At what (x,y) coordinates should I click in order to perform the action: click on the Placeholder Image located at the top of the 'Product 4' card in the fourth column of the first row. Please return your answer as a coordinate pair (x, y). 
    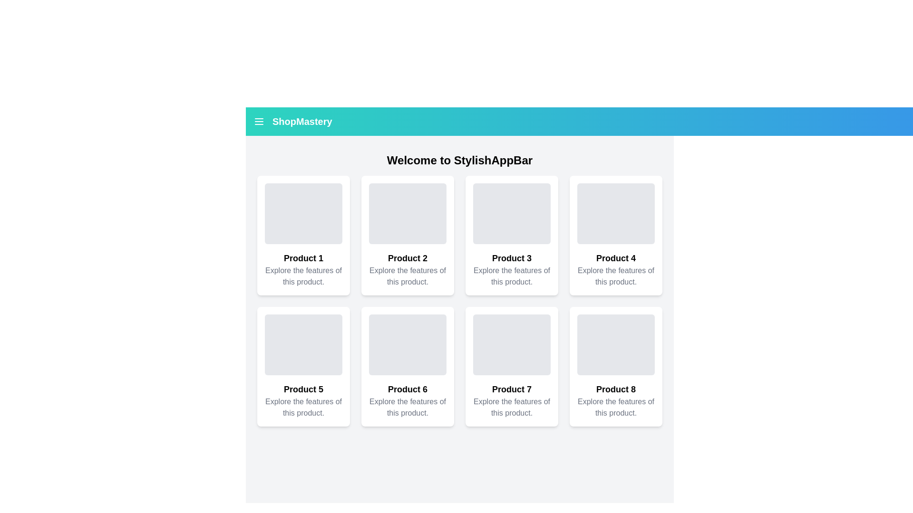
    Looking at the image, I should click on (616, 214).